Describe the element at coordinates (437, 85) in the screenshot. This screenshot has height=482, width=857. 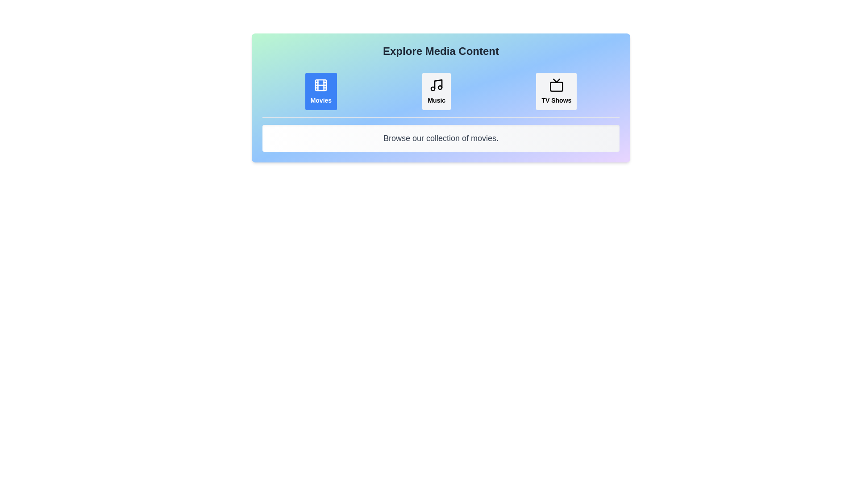
I see `the music note icon, which is part of the media selection interface located below the title 'Explore Media Content'` at that location.